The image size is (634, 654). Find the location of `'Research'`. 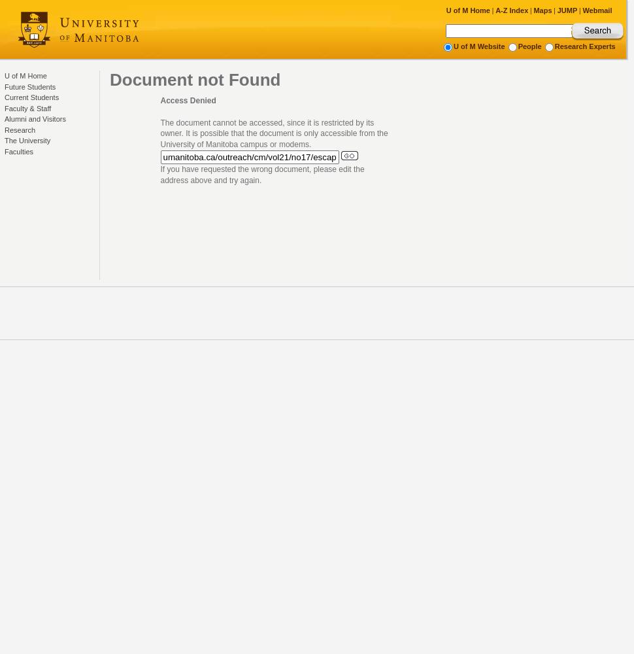

'Research' is located at coordinates (20, 129).